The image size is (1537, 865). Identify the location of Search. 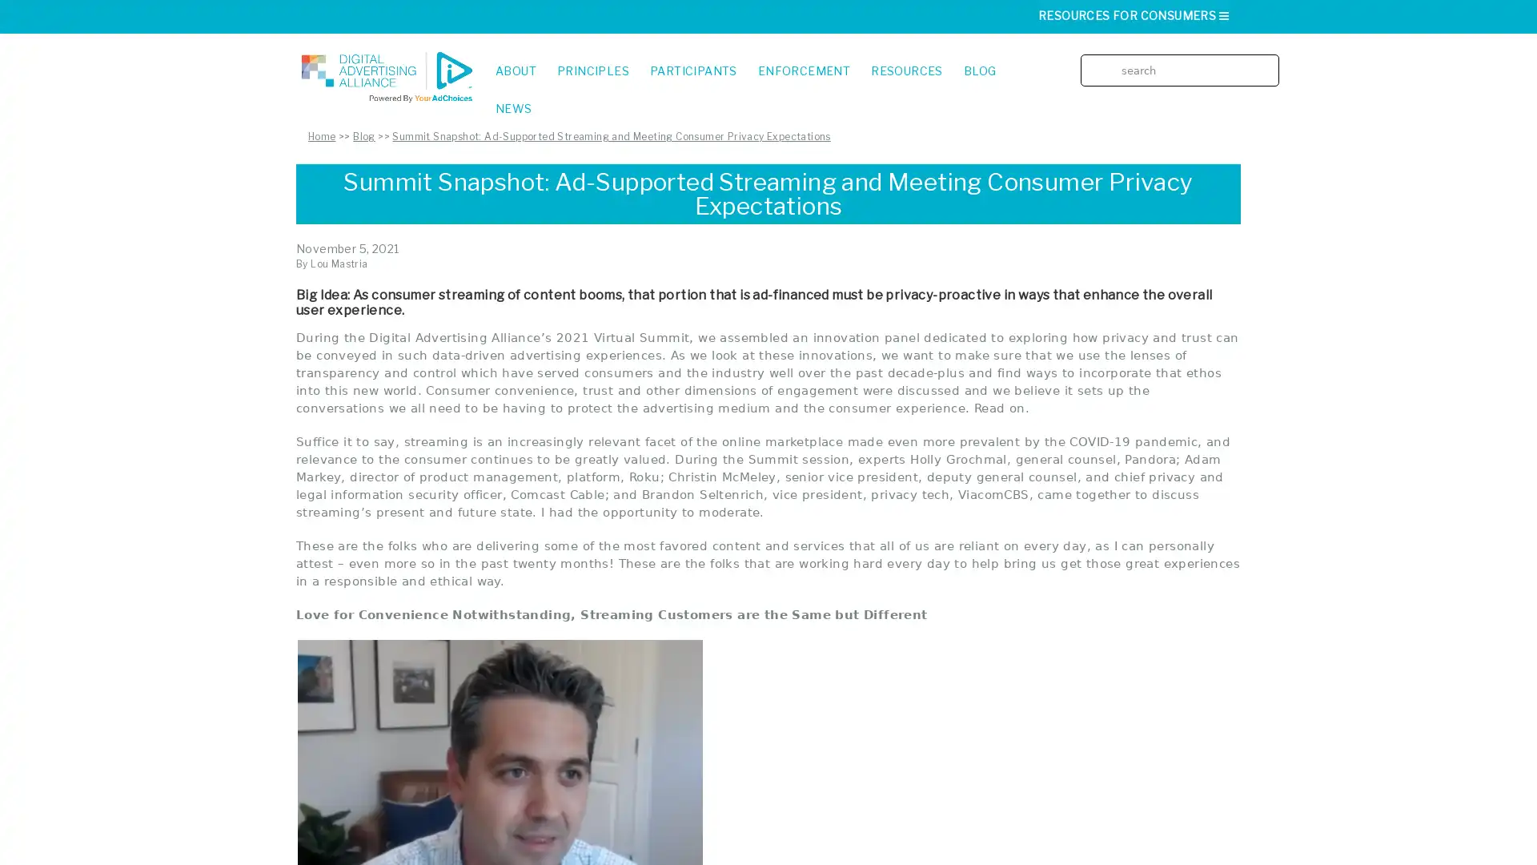
(1271, 58).